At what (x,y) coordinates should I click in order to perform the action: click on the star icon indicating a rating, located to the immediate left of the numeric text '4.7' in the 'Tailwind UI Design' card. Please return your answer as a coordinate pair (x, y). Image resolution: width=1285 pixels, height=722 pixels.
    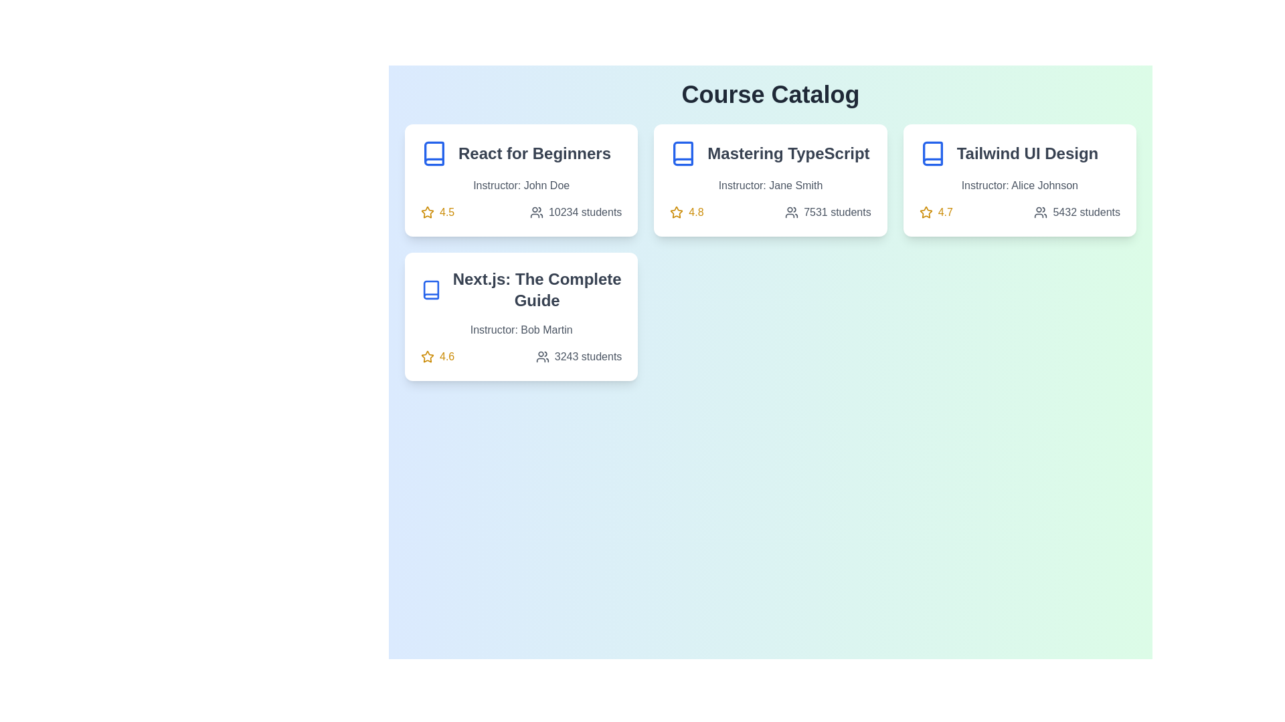
    Looking at the image, I should click on (925, 211).